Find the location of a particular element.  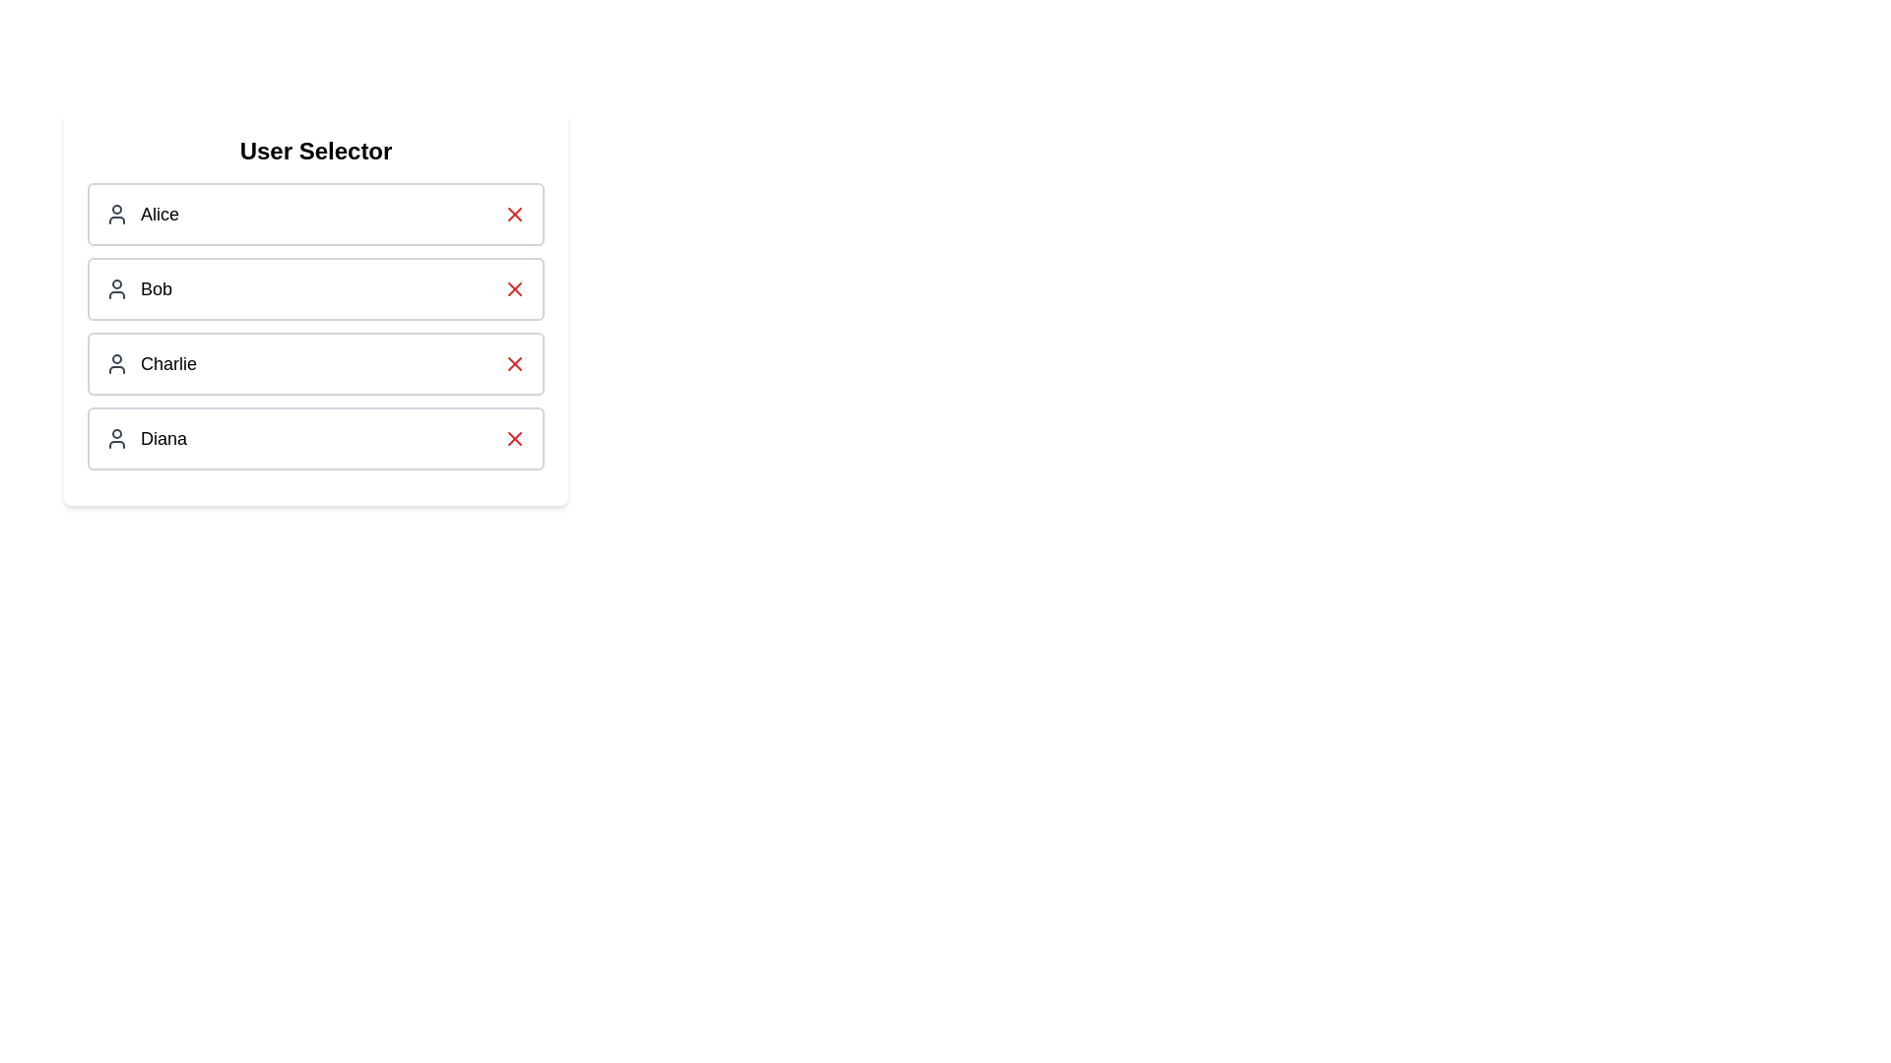

the user Alice by clicking on their entry is located at coordinates (316, 215).